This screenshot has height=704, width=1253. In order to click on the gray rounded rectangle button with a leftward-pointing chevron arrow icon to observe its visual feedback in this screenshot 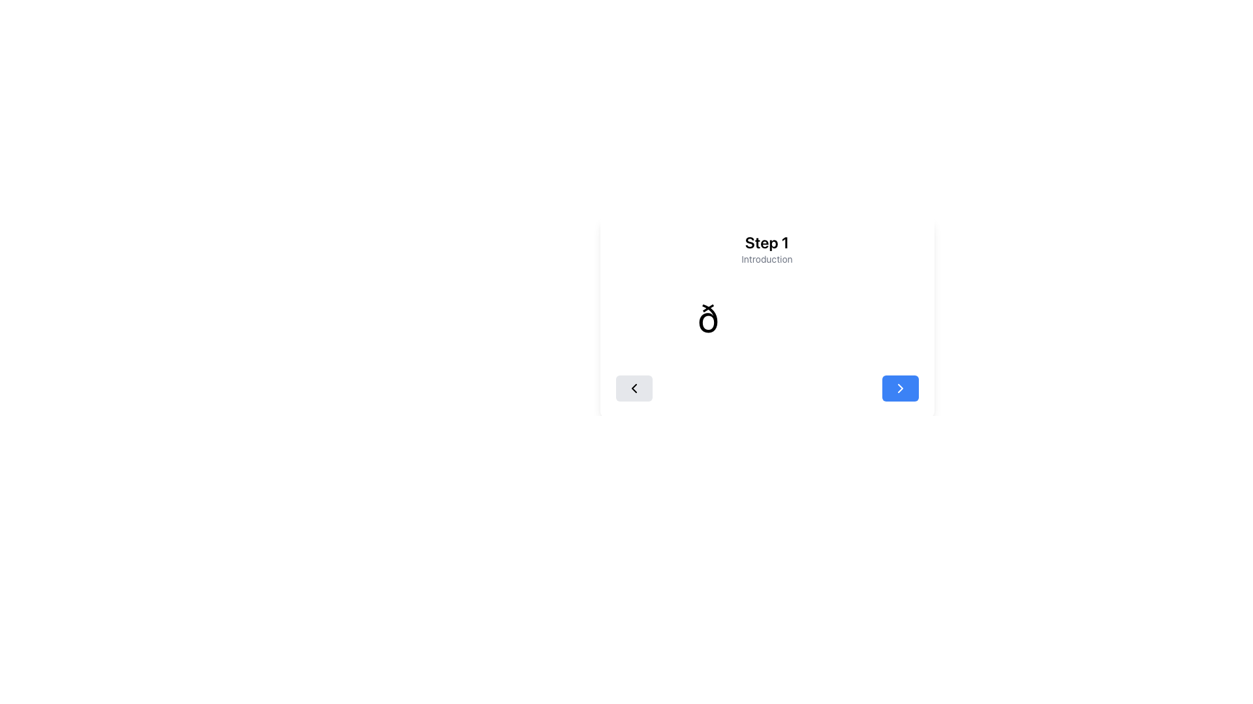, I will do `click(634, 388)`.